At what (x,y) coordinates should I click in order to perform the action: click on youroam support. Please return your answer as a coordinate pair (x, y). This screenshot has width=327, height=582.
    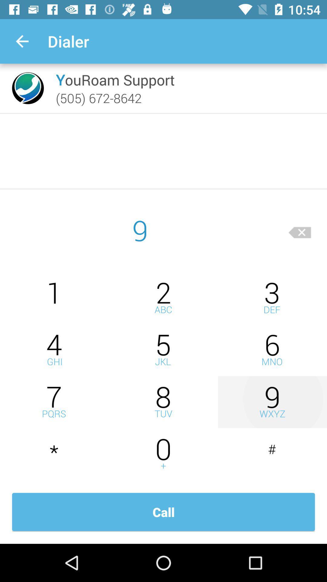
    Looking at the image, I should click on (115, 79).